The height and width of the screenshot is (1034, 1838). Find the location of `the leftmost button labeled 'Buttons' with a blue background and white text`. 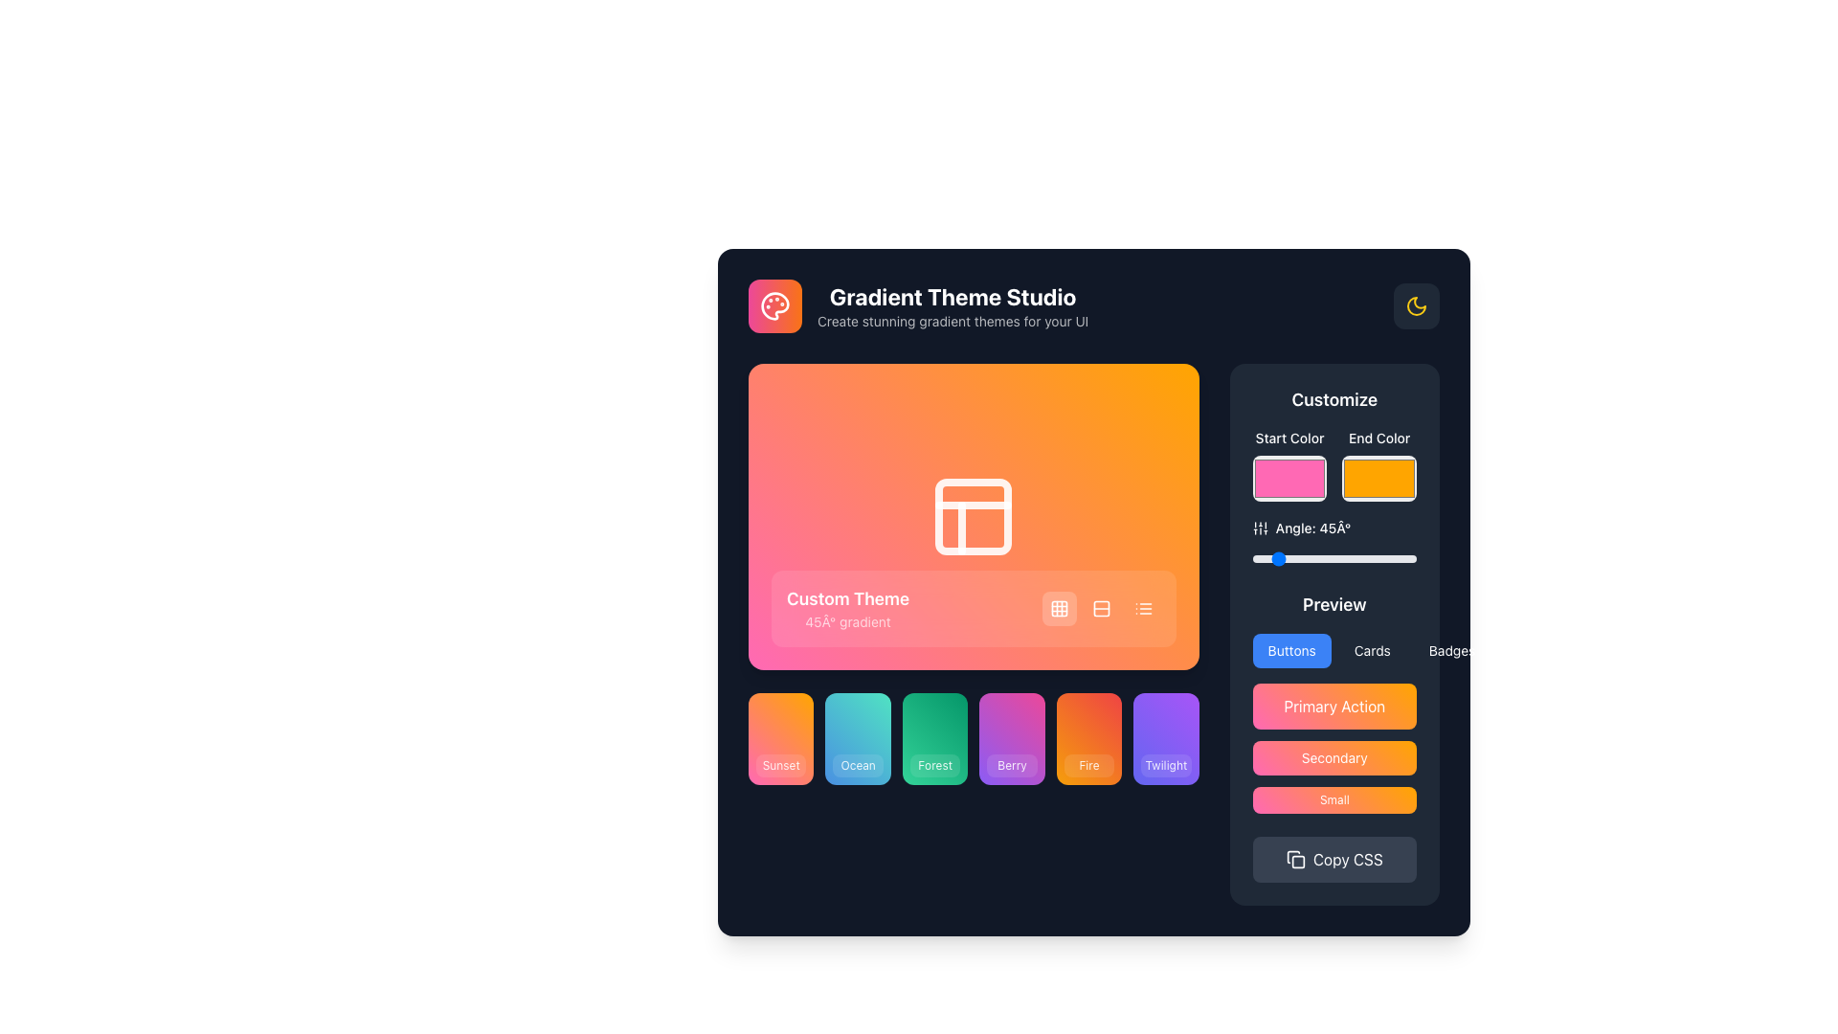

the leftmost button labeled 'Buttons' with a blue background and white text is located at coordinates (1291, 649).